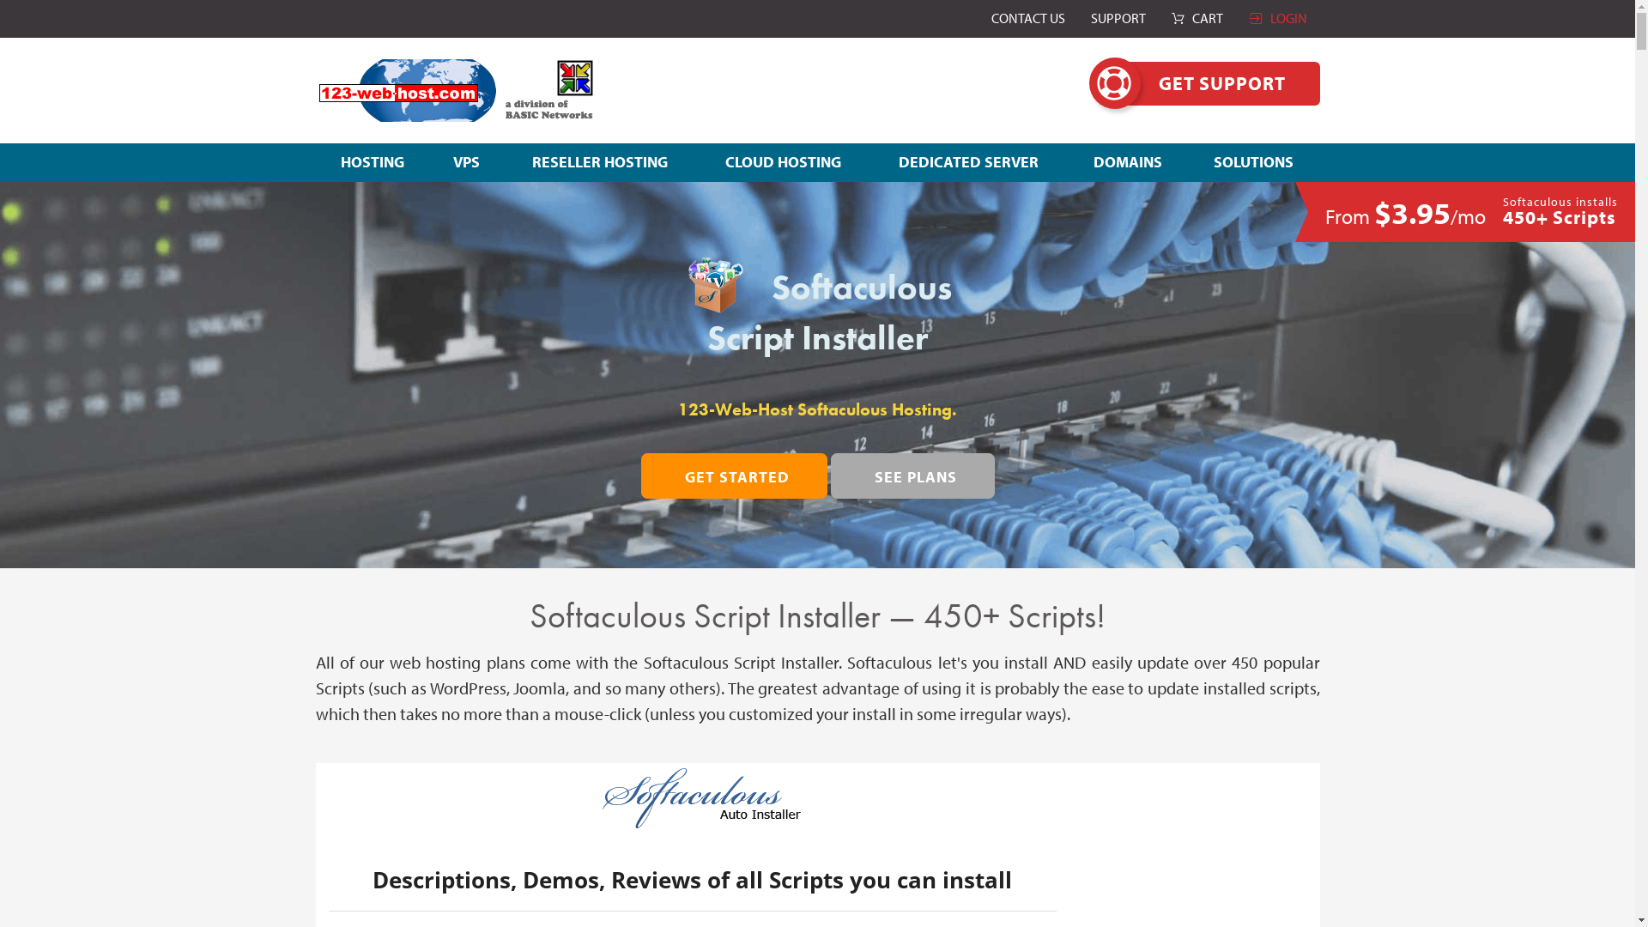  What do you see at coordinates (831, 476) in the screenshot?
I see `'SEE PLANS'` at bounding box center [831, 476].